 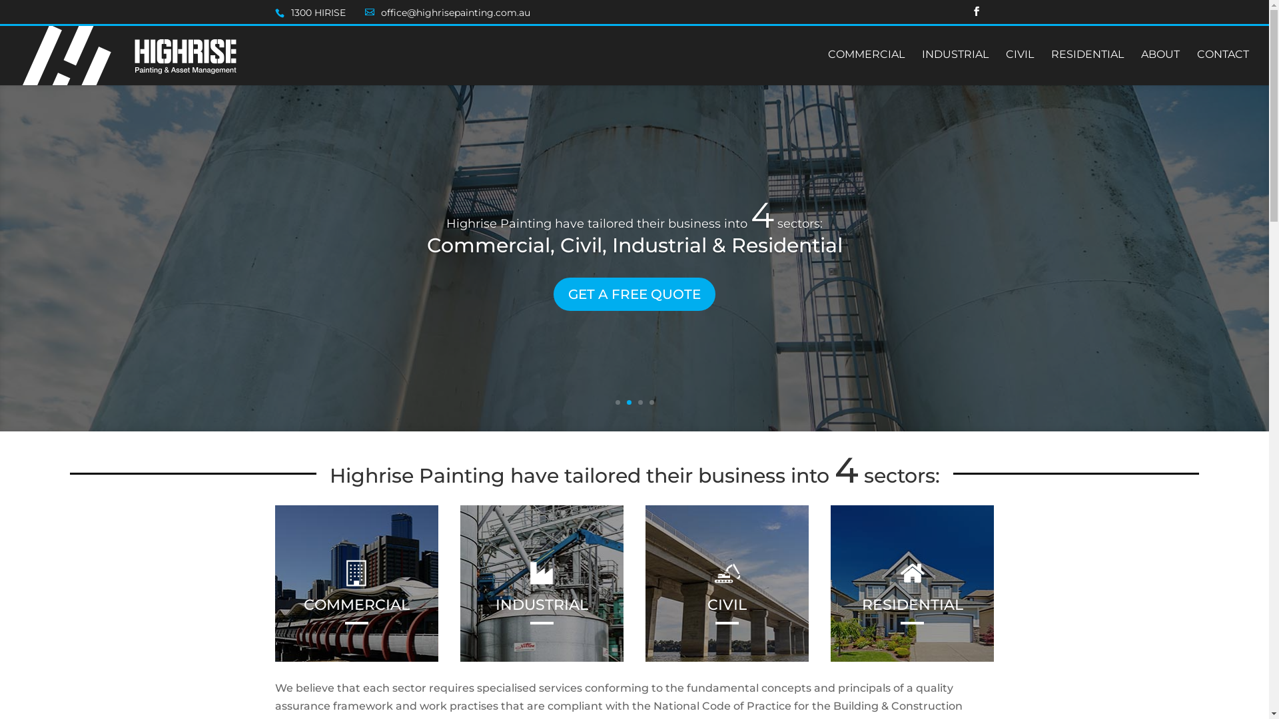 I want to click on 'CIVIL', so click(x=1019, y=67).